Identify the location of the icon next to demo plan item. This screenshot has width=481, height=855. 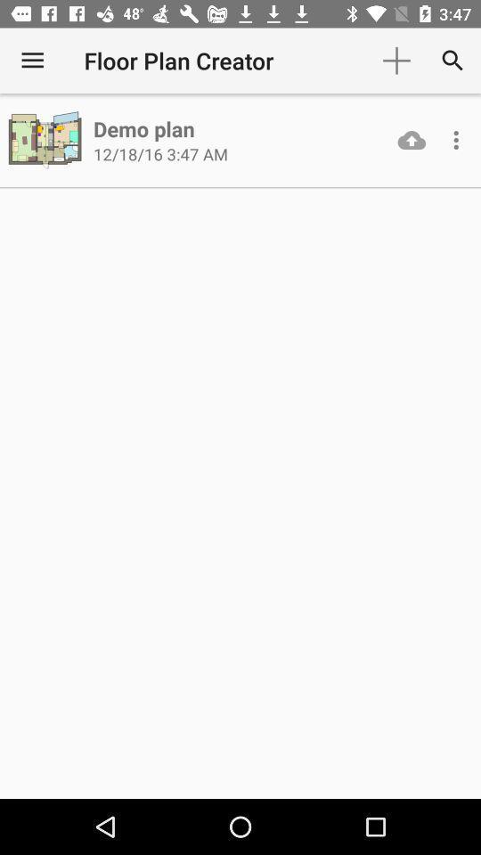
(46, 139).